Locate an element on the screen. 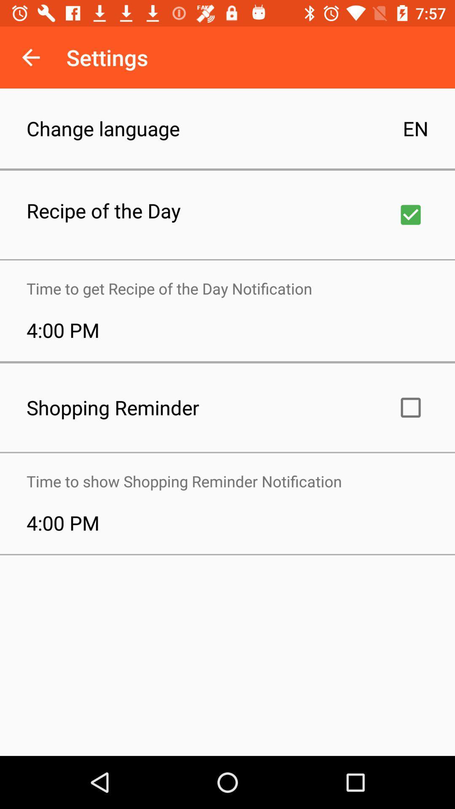 The height and width of the screenshot is (809, 455). for receiving recipe of the day is located at coordinates (410, 214).